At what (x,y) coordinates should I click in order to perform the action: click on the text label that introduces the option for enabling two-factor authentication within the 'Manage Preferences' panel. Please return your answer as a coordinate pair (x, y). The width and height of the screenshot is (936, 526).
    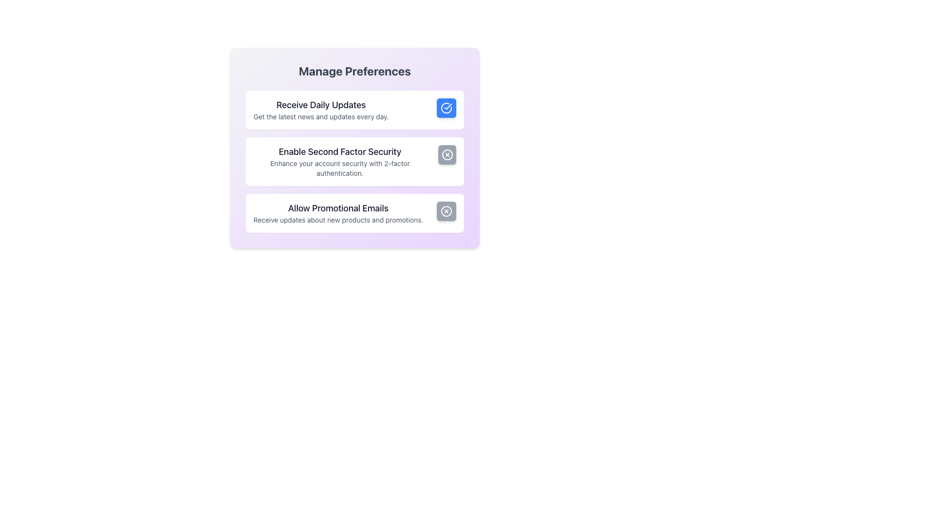
    Looking at the image, I should click on (340, 152).